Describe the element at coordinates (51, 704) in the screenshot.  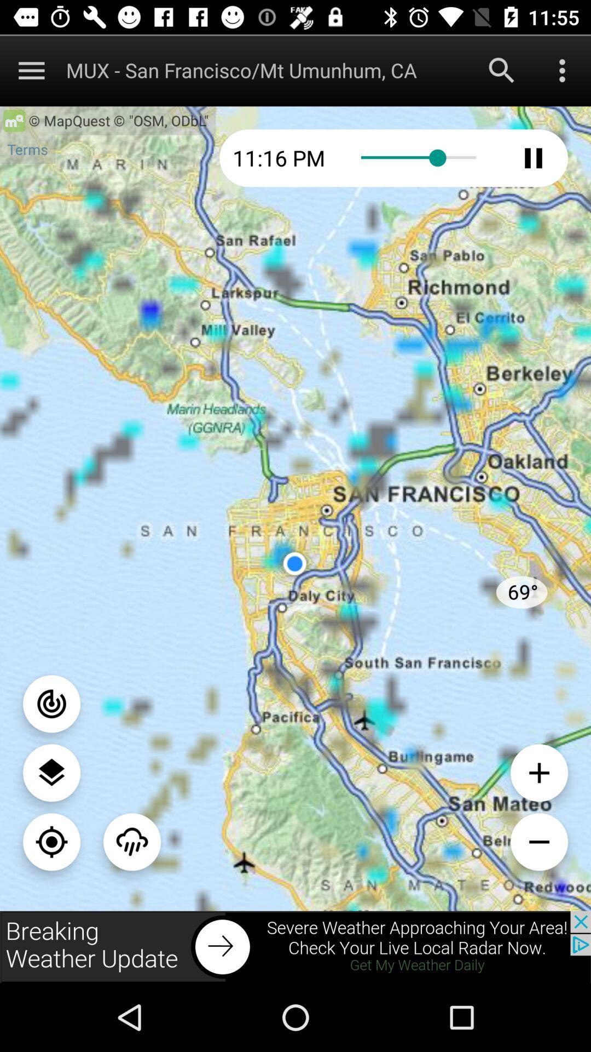
I see `switch off the button` at that location.